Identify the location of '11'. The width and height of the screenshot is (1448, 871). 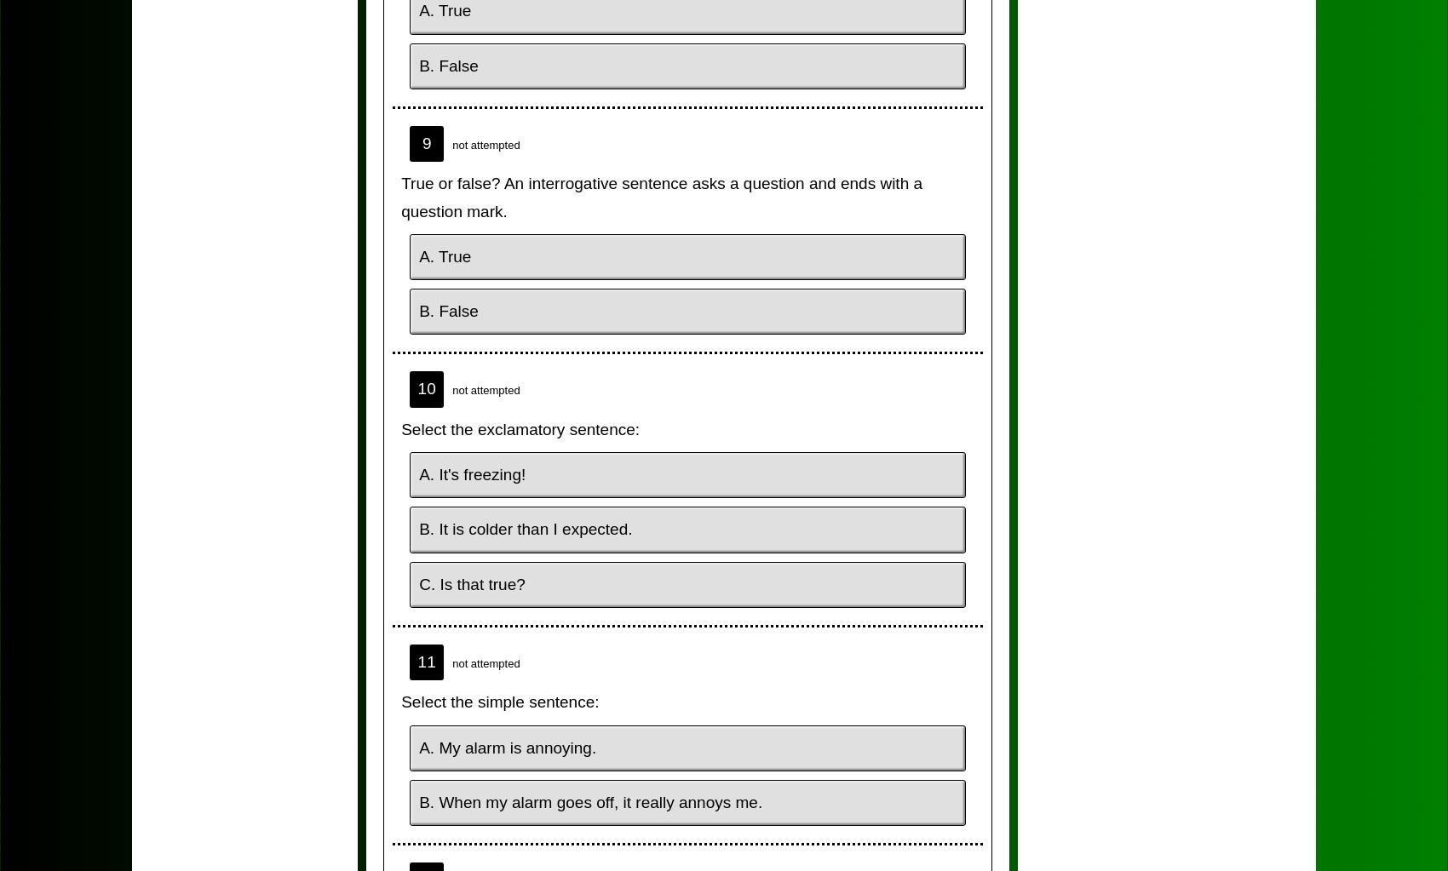
(426, 660).